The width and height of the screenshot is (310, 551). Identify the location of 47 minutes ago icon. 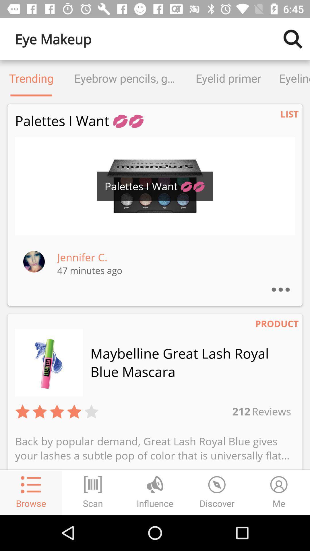
(90, 270).